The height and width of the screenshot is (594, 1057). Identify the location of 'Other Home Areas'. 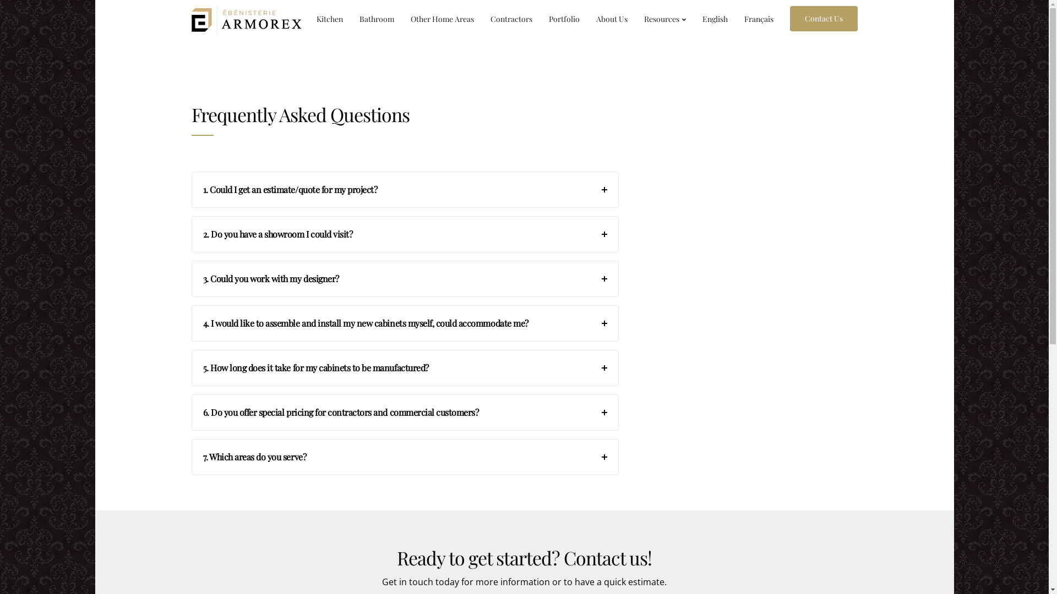
(401, 19).